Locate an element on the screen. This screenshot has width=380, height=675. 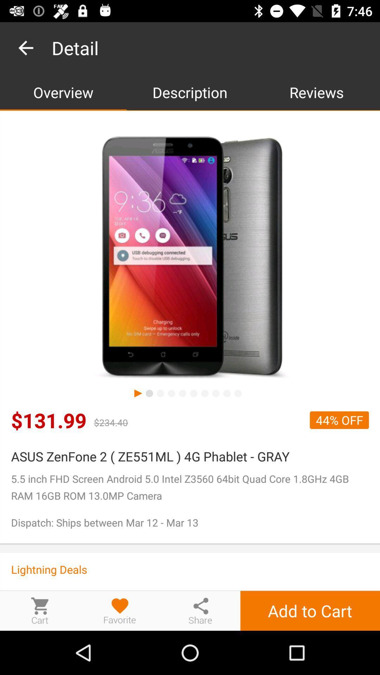
share the product is located at coordinates (200, 610).